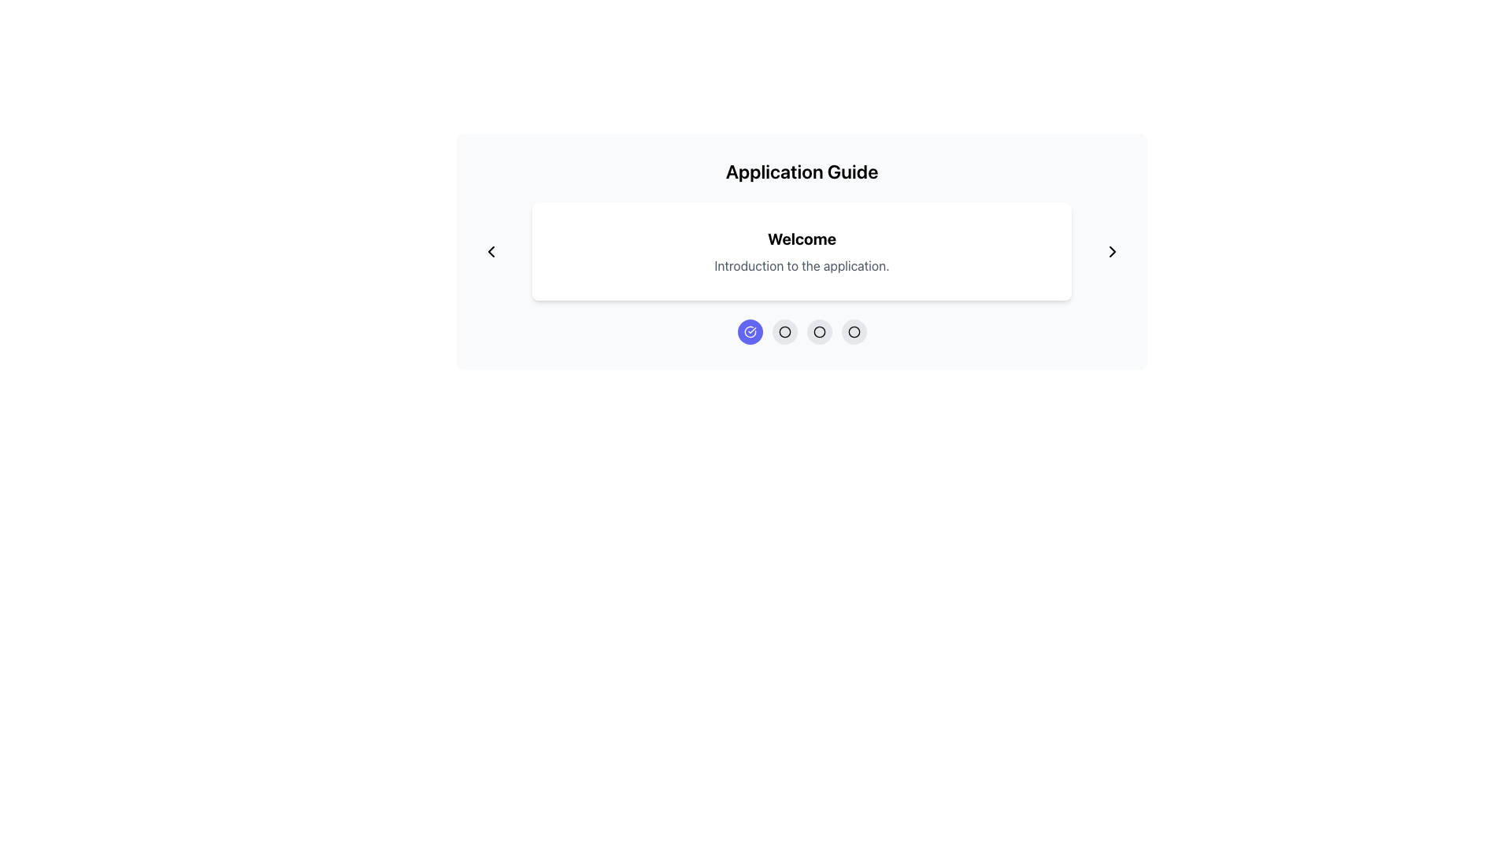 Image resolution: width=1512 pixels, height=850 pixels. I want to click on the 'Welcome' Information Carousel Slide, which displays the title and description of the first topic in the Application Guide section, so click(802, 251).